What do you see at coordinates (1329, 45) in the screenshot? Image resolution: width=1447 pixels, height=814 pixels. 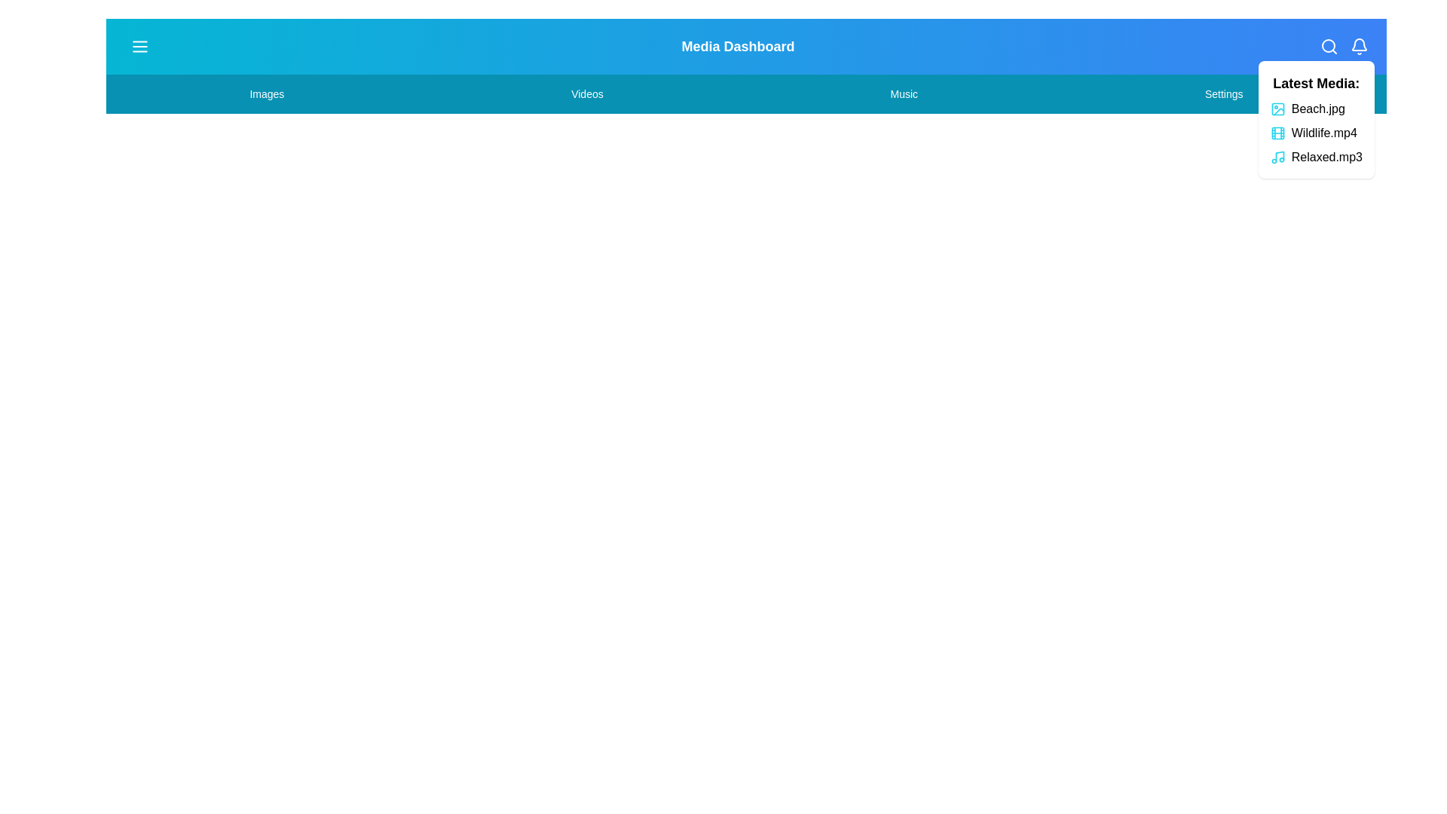 I see `the search icon` at bounding box center [1329, 45].